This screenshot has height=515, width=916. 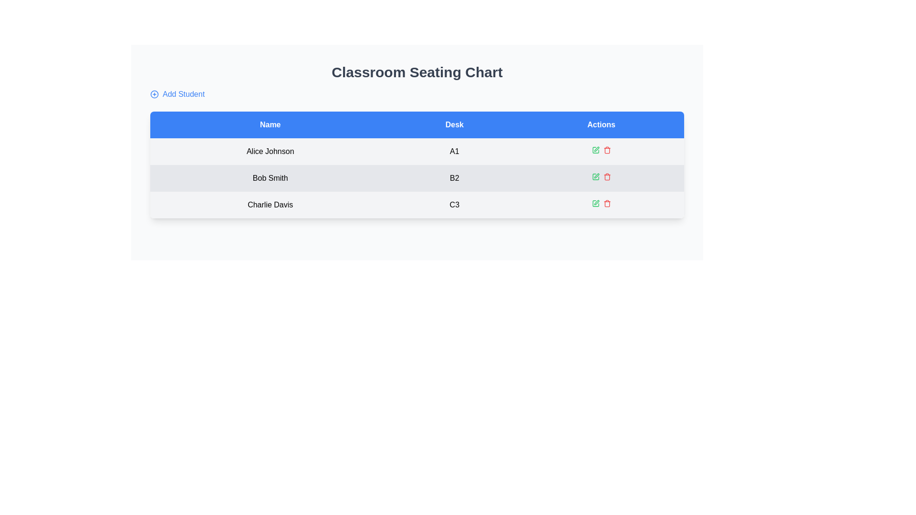 What do you see at coordinates (601, 124) in the screenshot?
I see `the 'Actions' text label, which is styled with white text on a blue background and located at the rightmost position in the header row of a table, adjacent to the 'Desk' header` at bounding box center [601, 124].